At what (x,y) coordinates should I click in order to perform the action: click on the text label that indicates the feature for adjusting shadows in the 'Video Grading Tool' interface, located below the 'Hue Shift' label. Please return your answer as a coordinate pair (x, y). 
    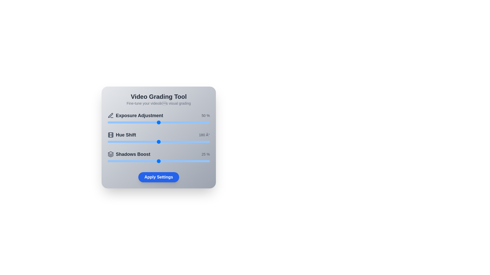
    Looking at the image, I should click on (133, 154).